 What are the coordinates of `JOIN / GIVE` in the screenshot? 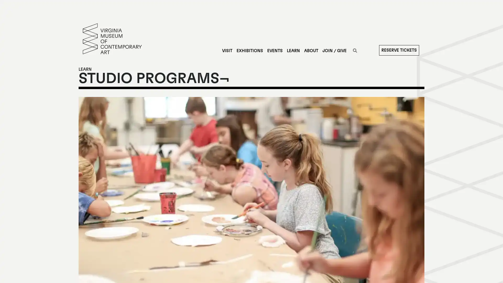 It's located at (334, 51).